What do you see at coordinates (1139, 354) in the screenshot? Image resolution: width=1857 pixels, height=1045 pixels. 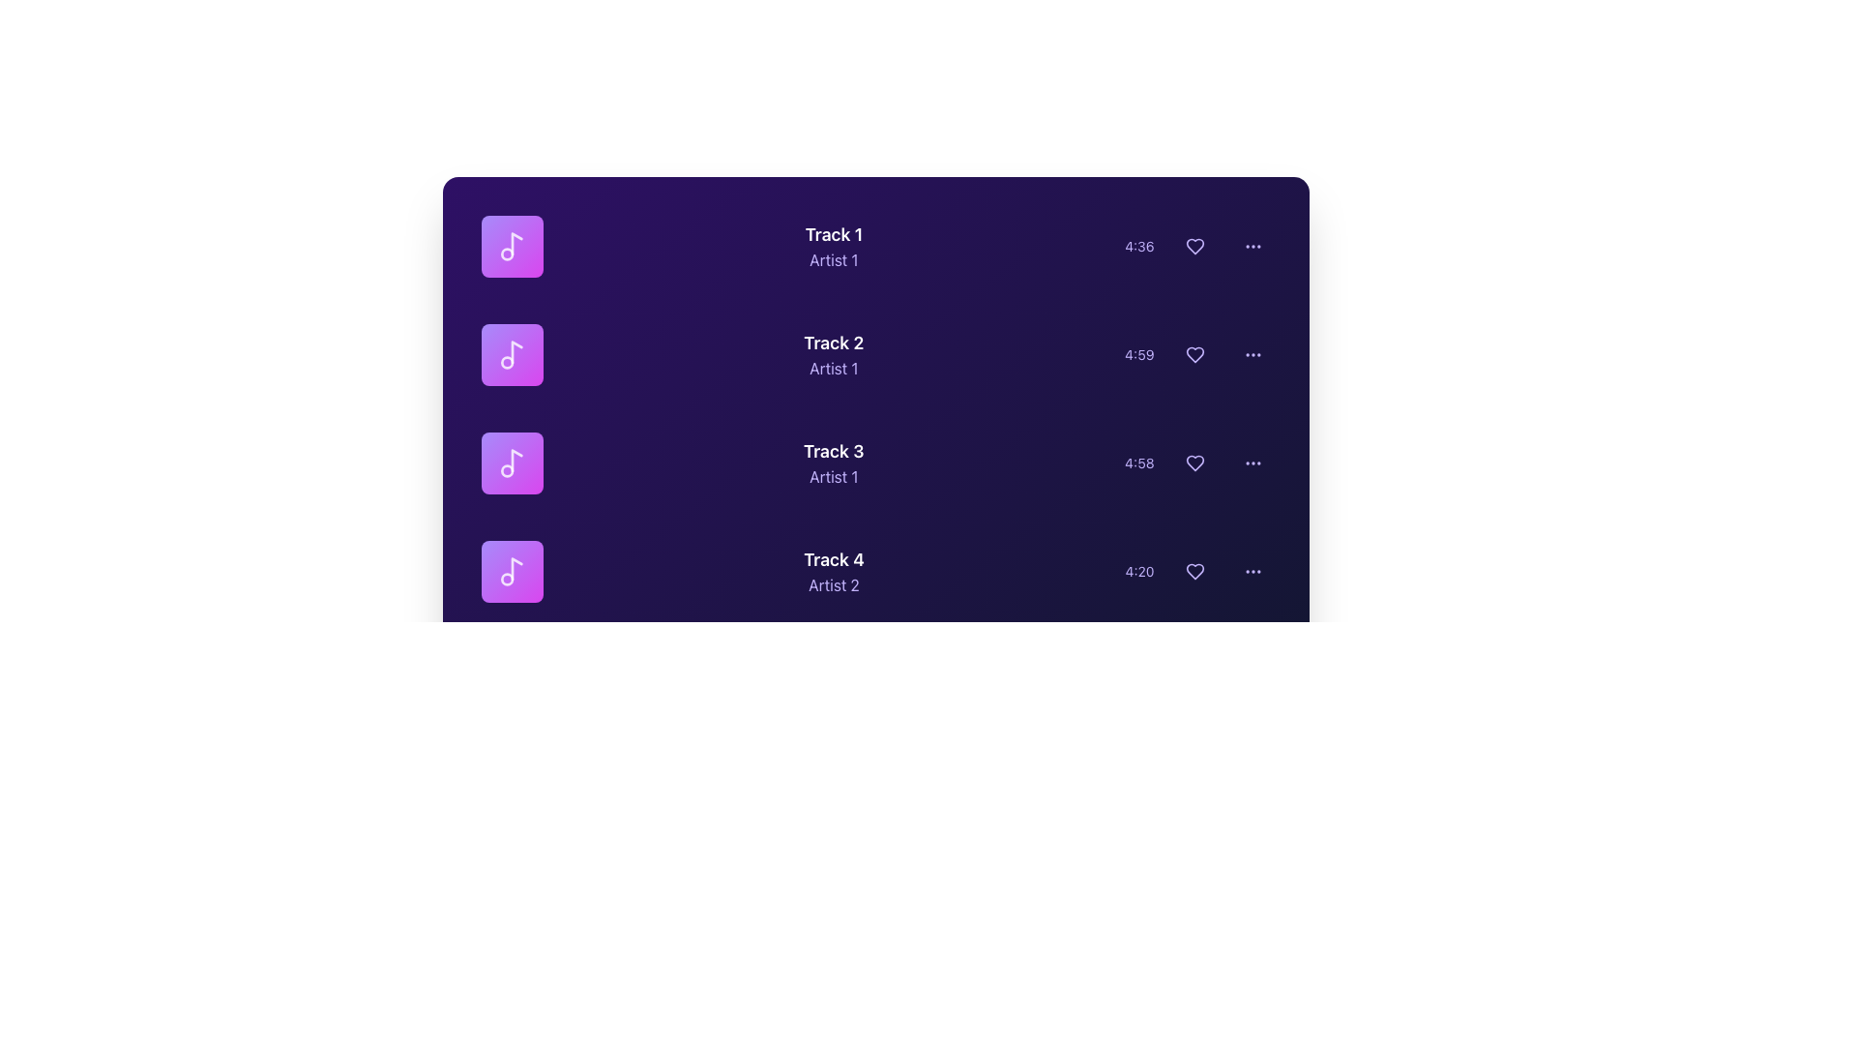 I see `the text label displaying the duration '4:59', which is styled in violet color and located in the second row of the track list interface` at bounding box center [1139, 354].